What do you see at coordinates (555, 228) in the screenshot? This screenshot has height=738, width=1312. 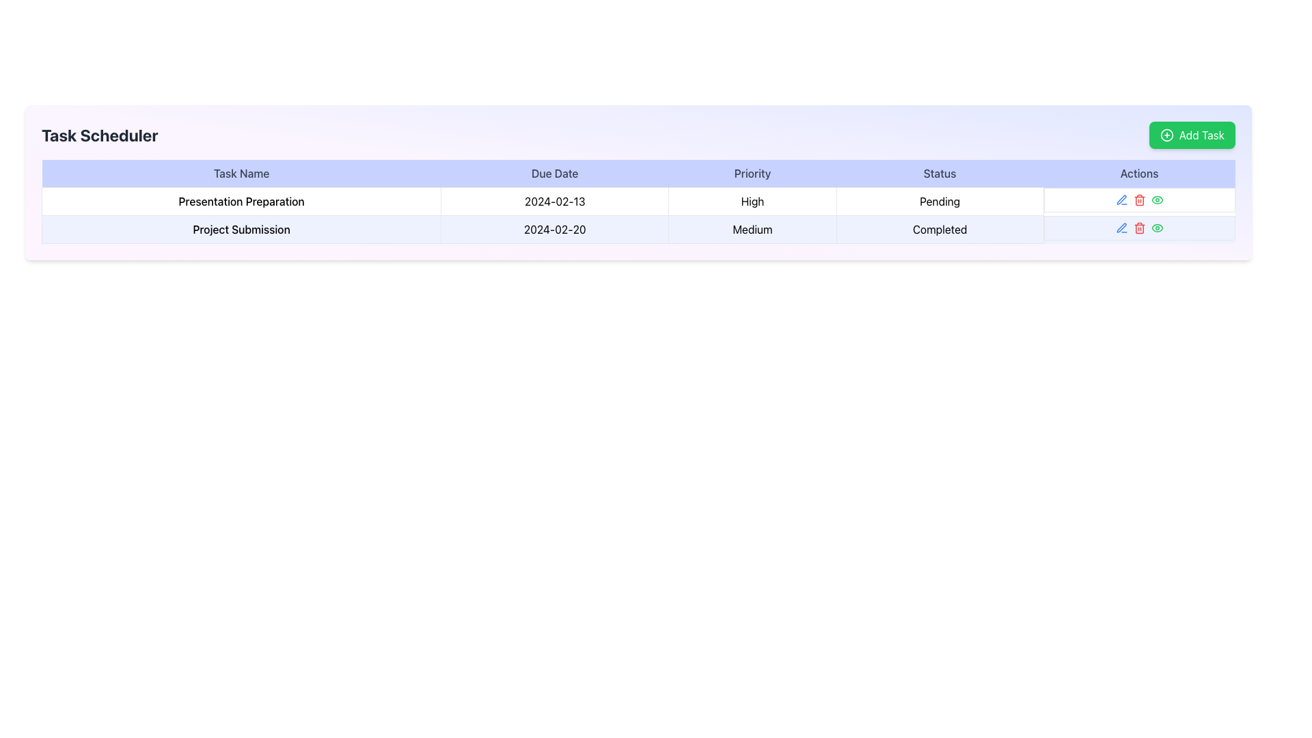 I see `the text label displaying the due date for a task entry in the task scheduling table, located in the second cell of the second row under the 'Due Date' column` at bounding box center [555, 228].